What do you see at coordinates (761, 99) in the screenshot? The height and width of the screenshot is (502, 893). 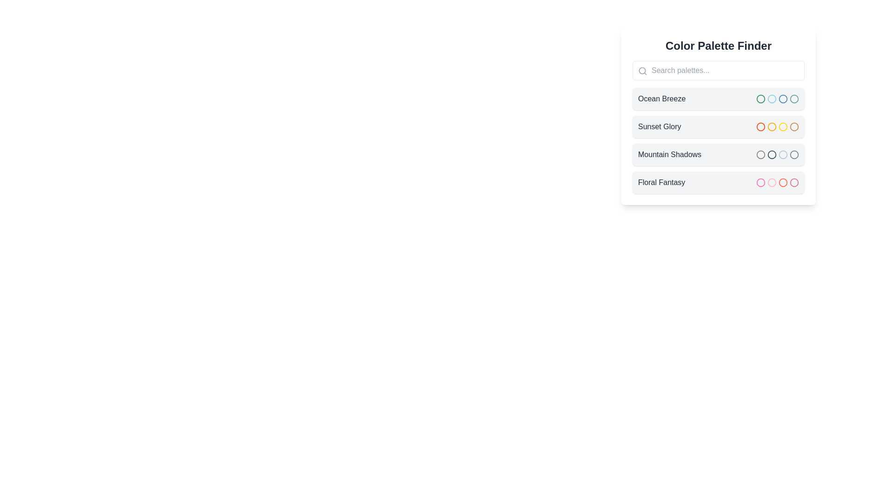 I see `the first circular icon in the 'Ocean Breeze' color palette` at bounding box center [761, 99].